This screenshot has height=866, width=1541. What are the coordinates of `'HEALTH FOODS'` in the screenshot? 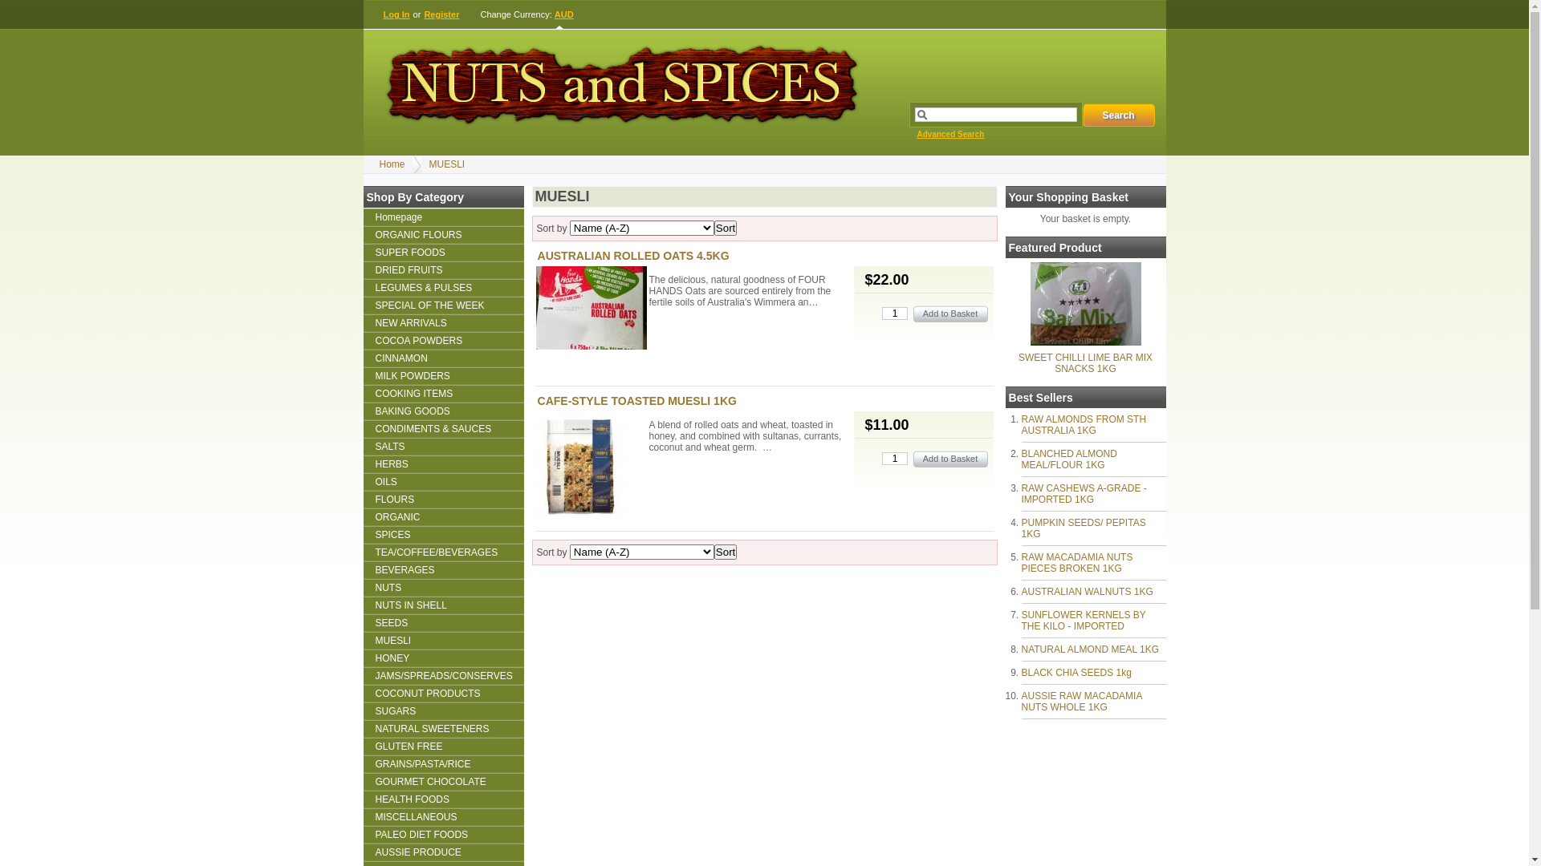 It's located at (443, 799).